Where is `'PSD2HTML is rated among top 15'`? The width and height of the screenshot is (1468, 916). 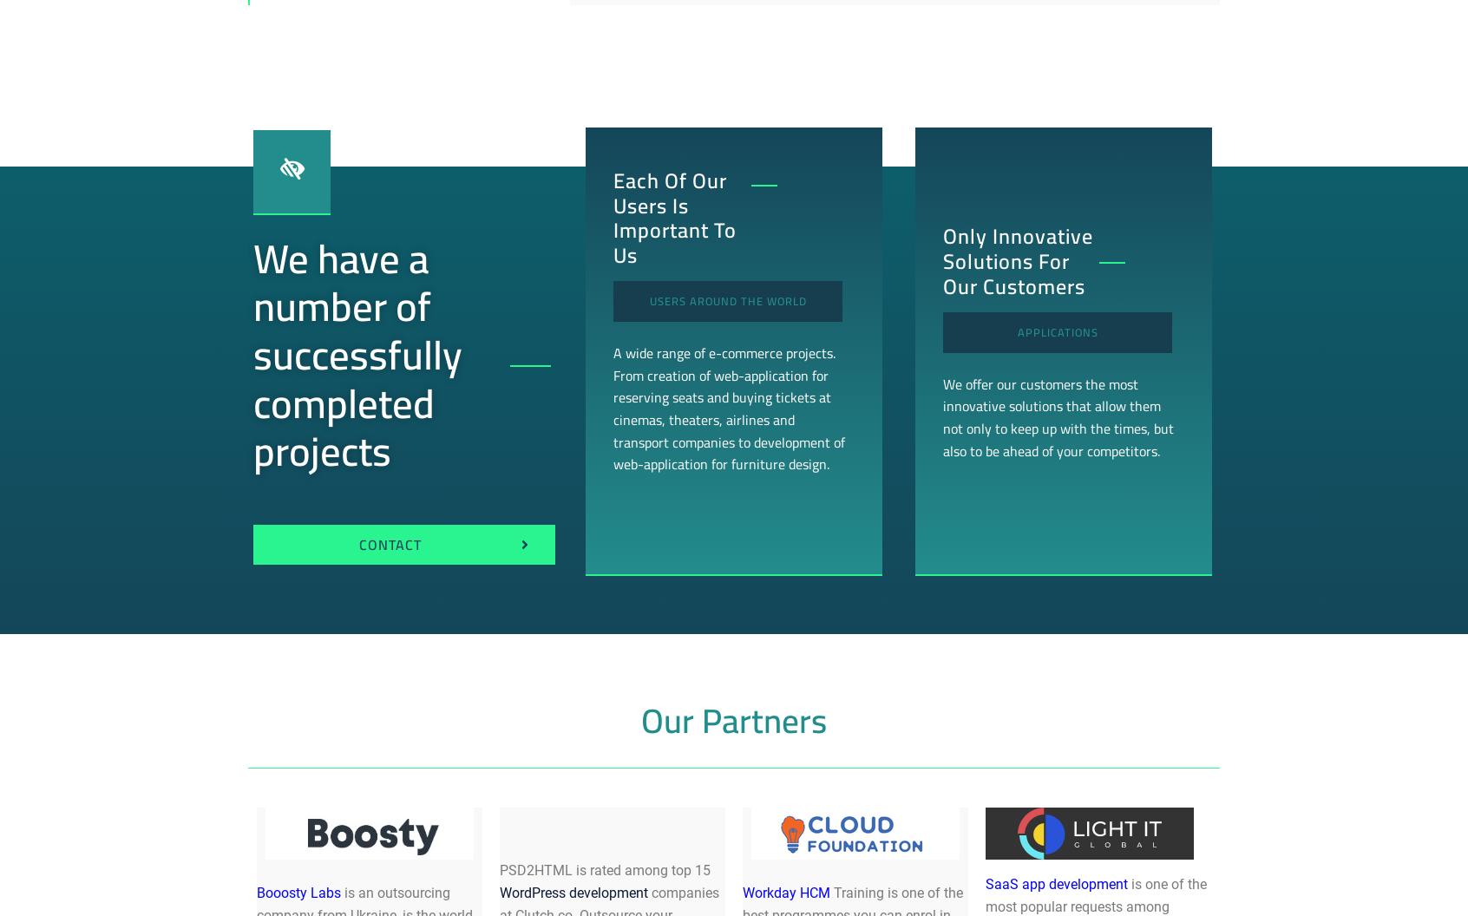
'PSD2HTML is rated among top 15' is located at coordinates (605, 868).